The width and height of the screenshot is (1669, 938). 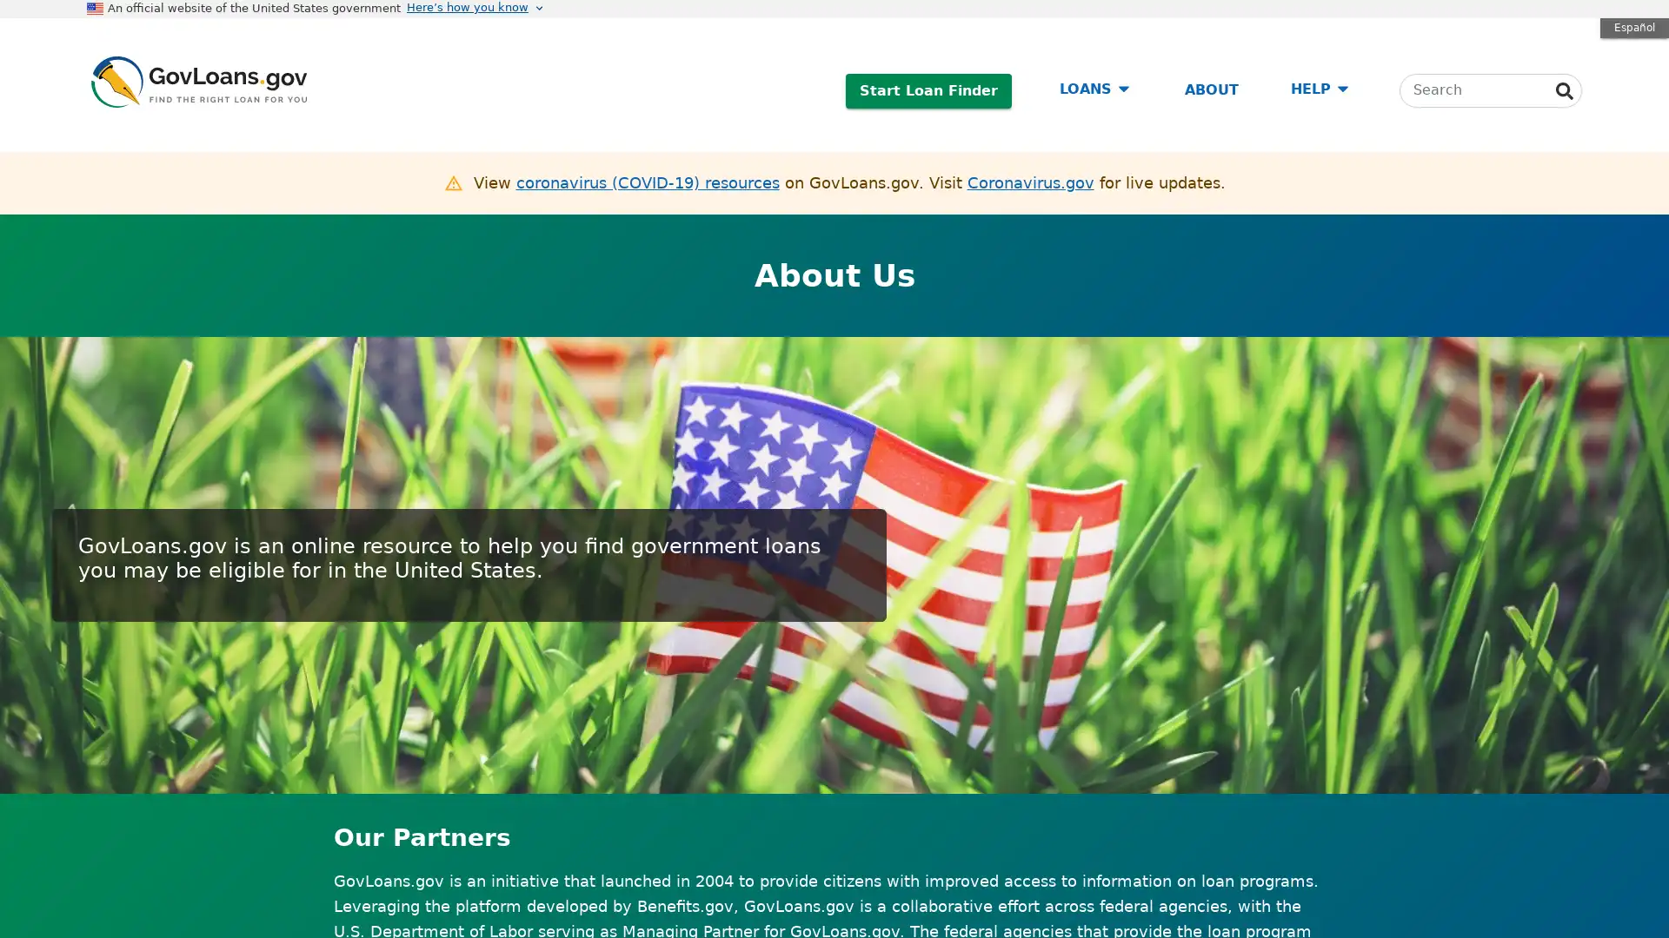 What do you see at coordinates (928, 90) in the screenshot?
I see `Start Loan Finder` at bounding box center [928, 90].